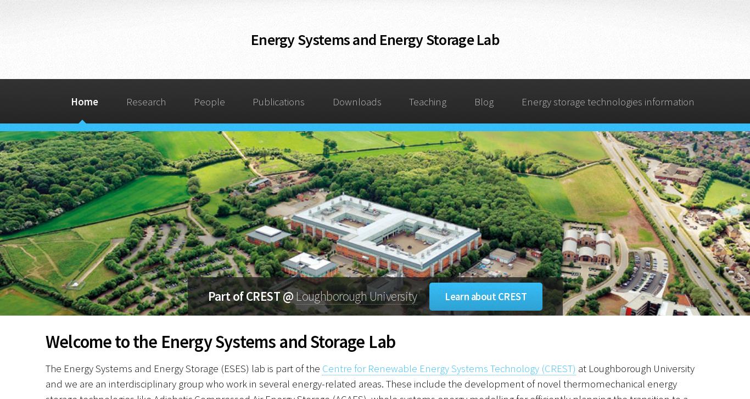  Describe the element at coordinates (251, 295) in the screenshot. I see `'Part of CREST @'` at that location.